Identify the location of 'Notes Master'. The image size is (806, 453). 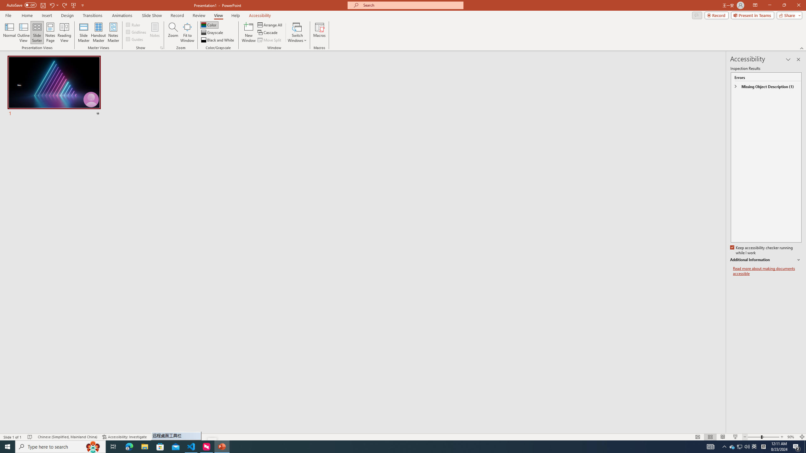
(113, 32).